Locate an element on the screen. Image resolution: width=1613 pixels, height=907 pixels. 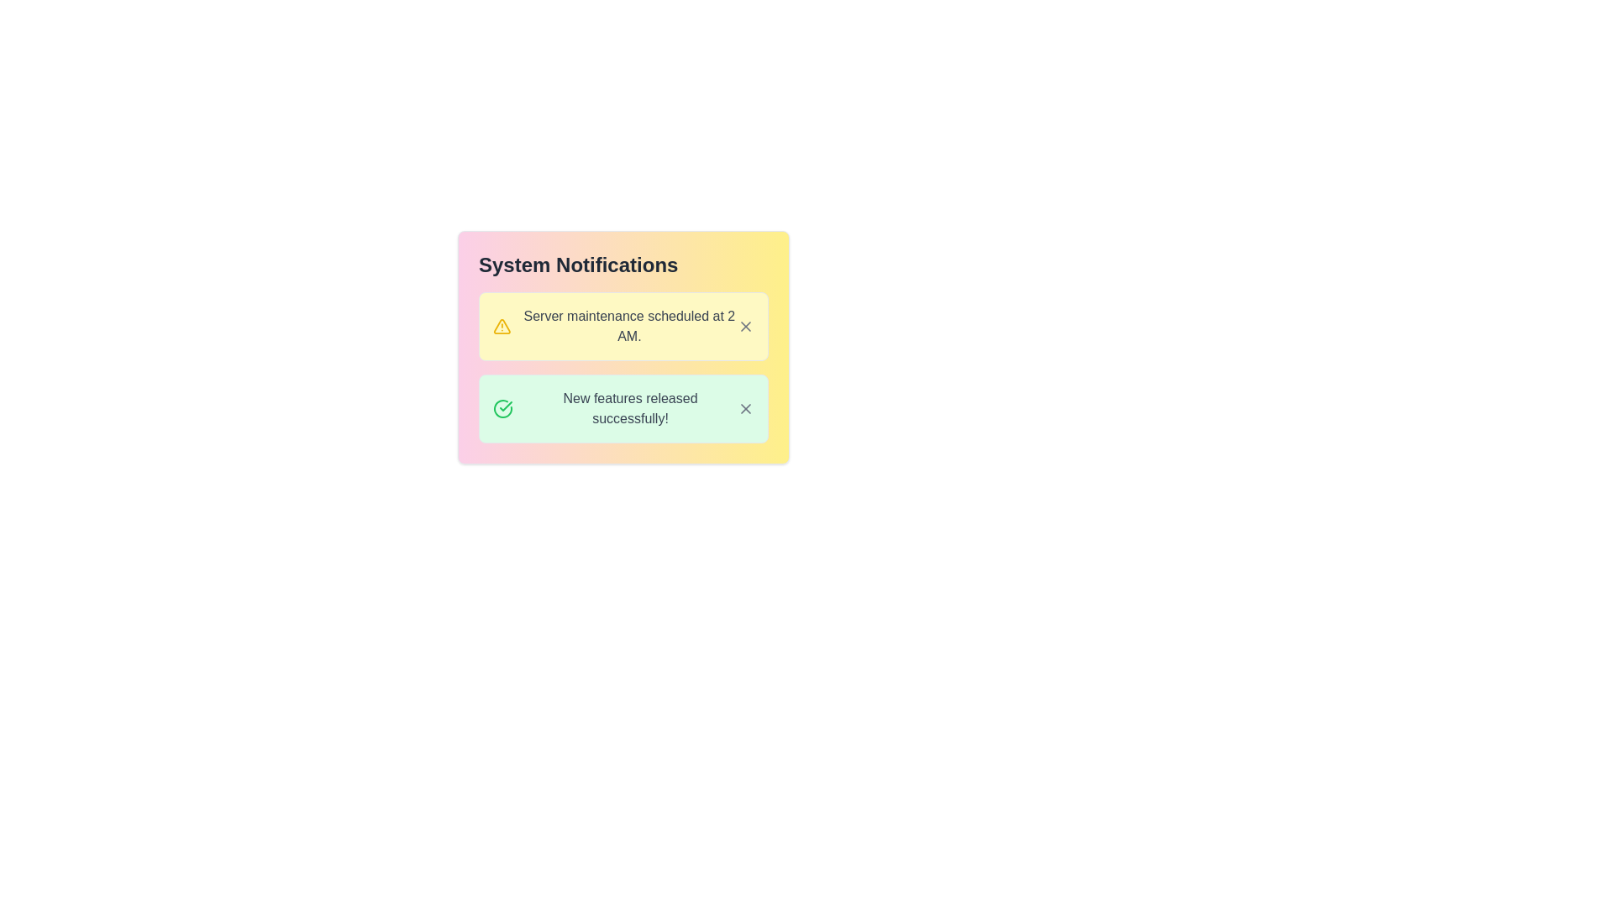
the diagonal cross icon (Close button) located at the top-right corner of the notification card labeled 'Server maintenance scheduled at 2 AM' for visual feedback is located at coordinates (745, 327).